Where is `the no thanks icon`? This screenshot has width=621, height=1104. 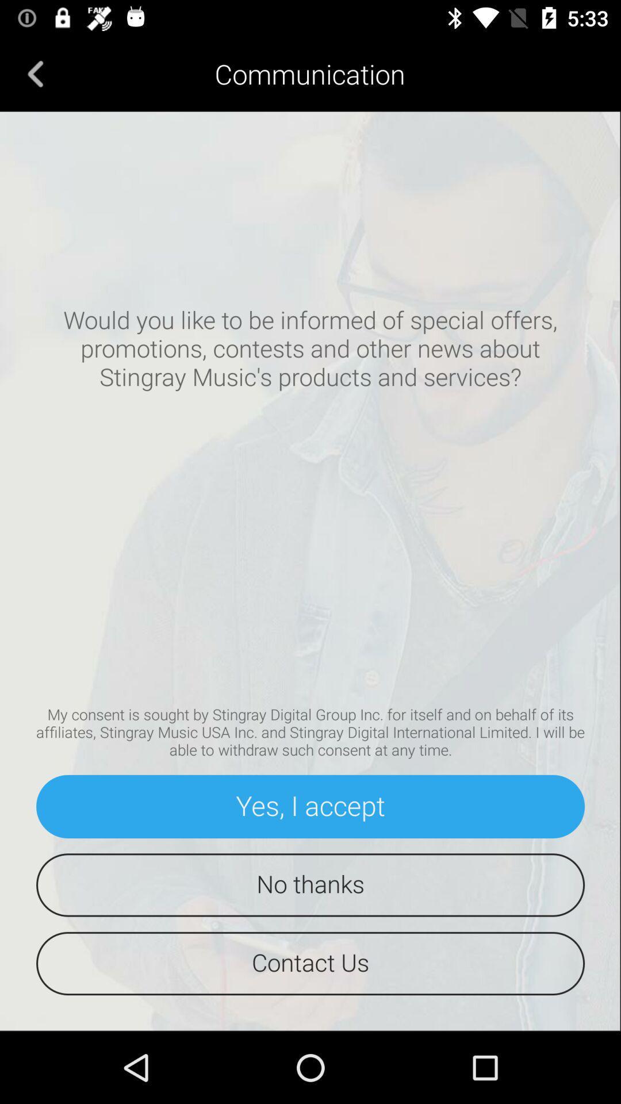 the no thanks icon is located at coordinates (310, 884).